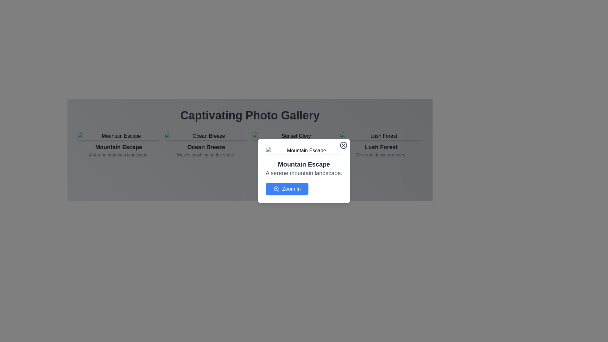 The width and height of the screenshot is (608, 342). I want to click on to interact with the 'Ocean Breeze' card element, which is the second item in a horizontal grid layout of four items, located between 'Mountain Escape' and 'Sunset Glory', so click(206, 146).